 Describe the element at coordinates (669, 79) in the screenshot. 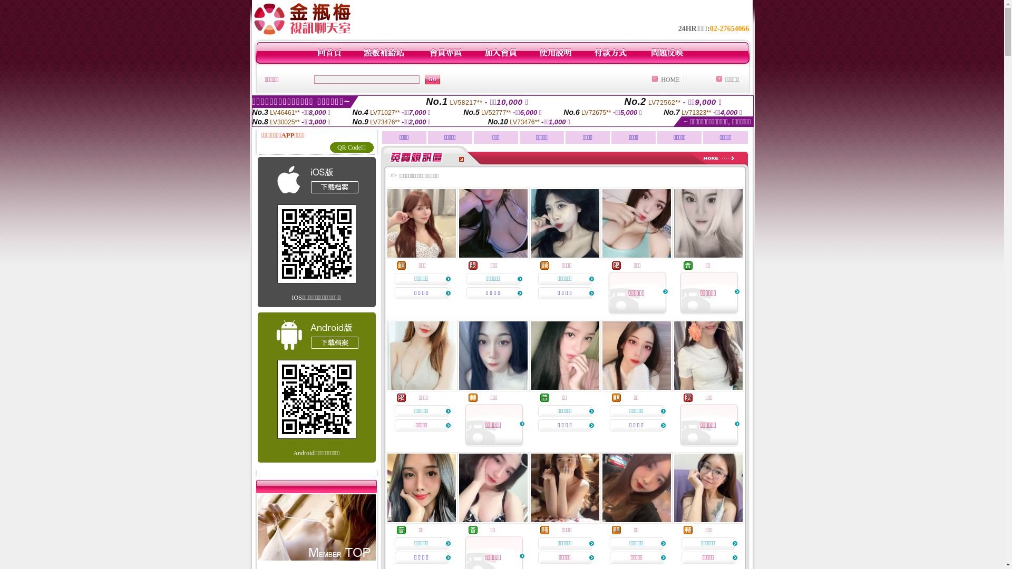

I see `'HOME'` at that location.